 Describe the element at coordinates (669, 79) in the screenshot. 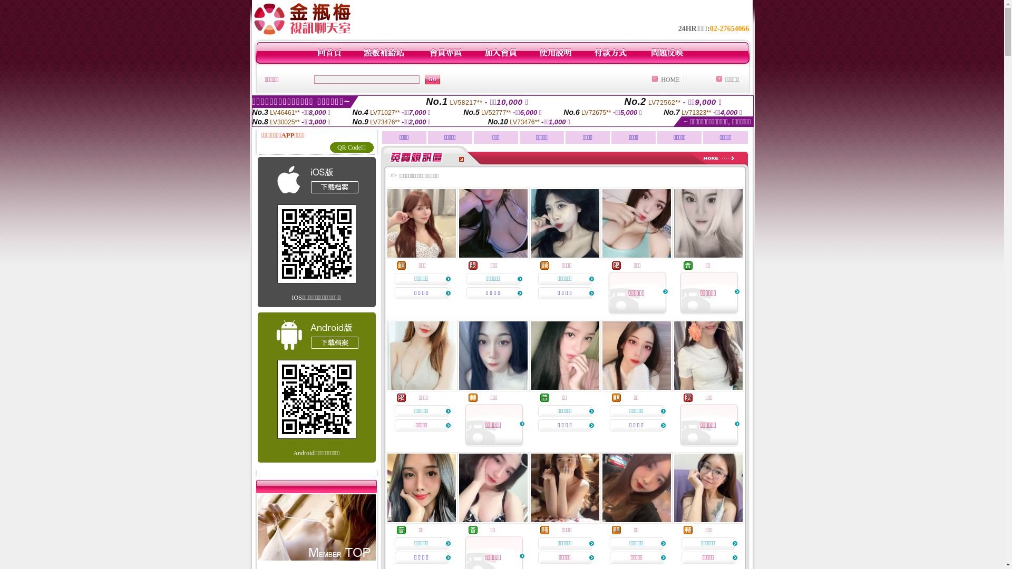

I see `'HOME'` at that location.